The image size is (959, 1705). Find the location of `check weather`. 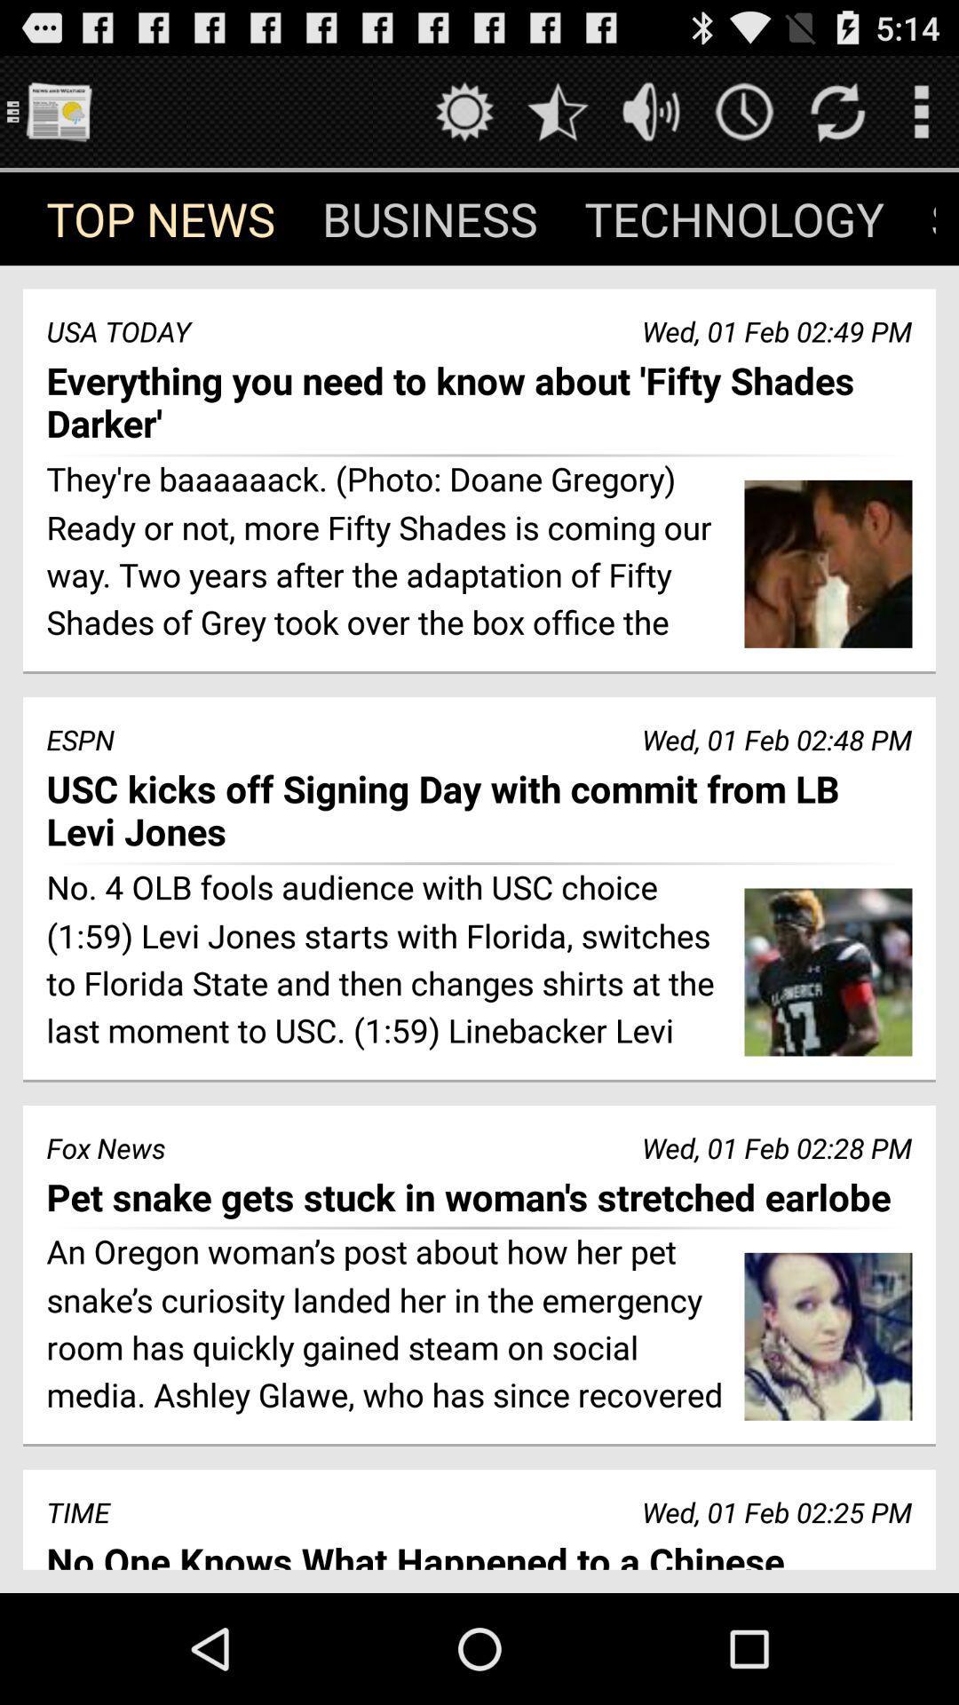

check weather is located at coordinates (464, 110).